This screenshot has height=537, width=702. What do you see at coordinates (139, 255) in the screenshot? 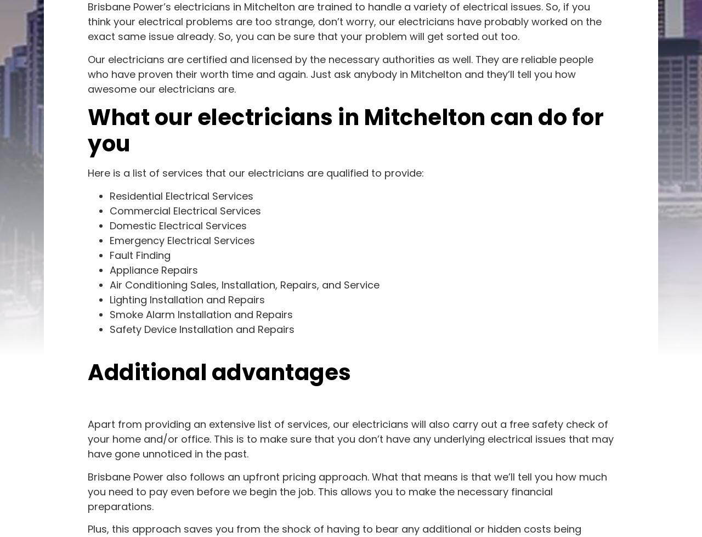
I see `'Fault Finding'` at bounding box center [139, 255].